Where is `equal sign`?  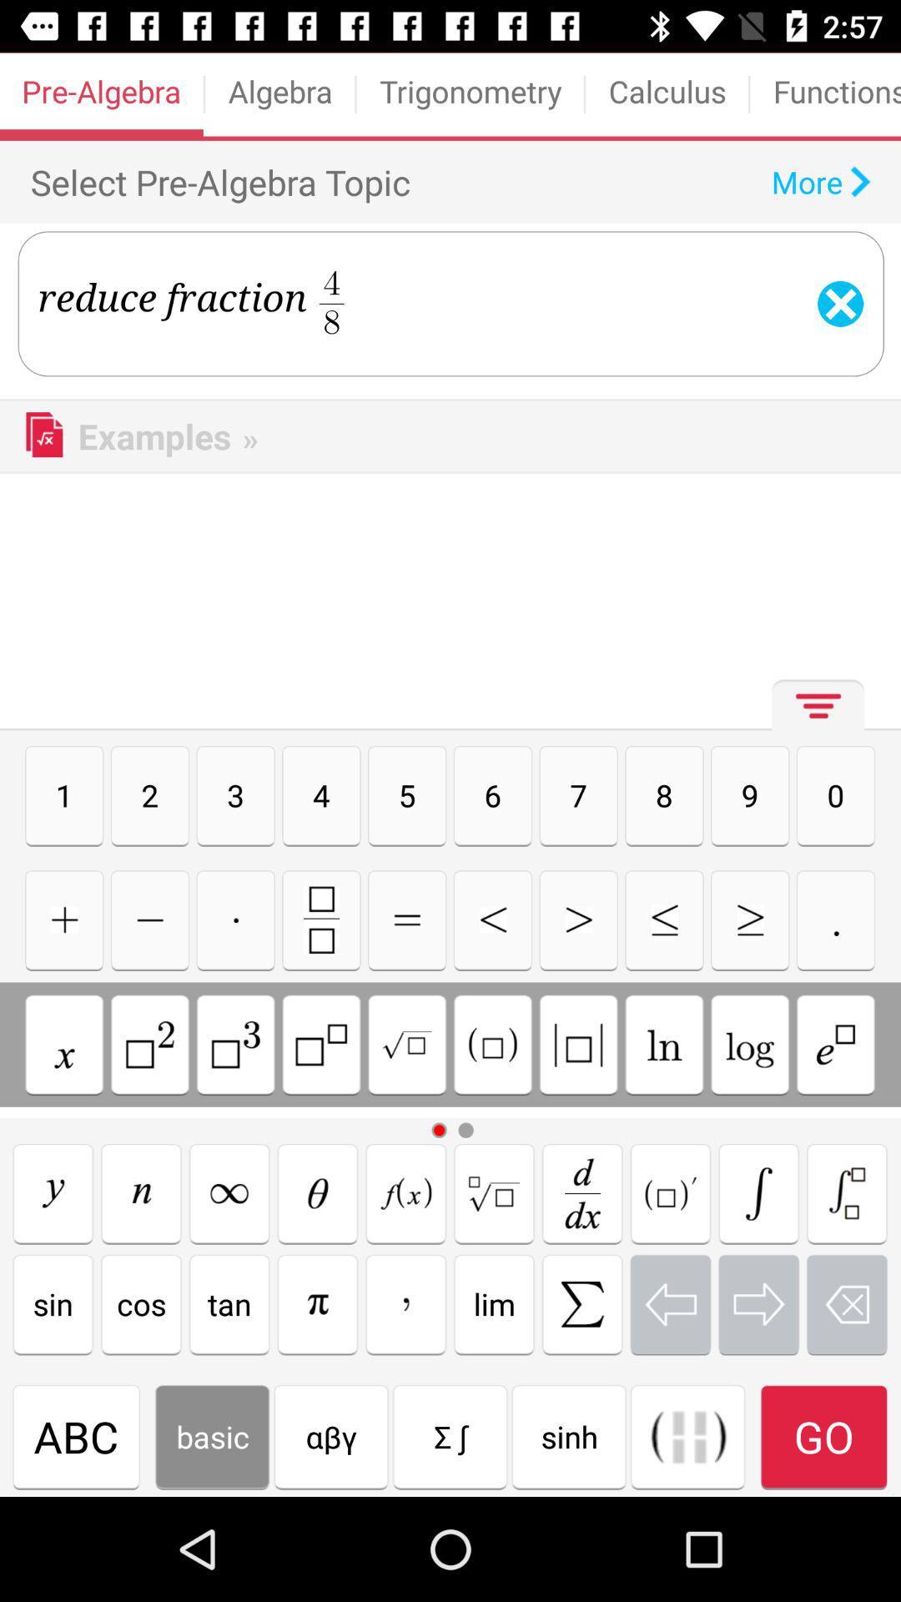 equal sign is located at coordinates (407, 919).